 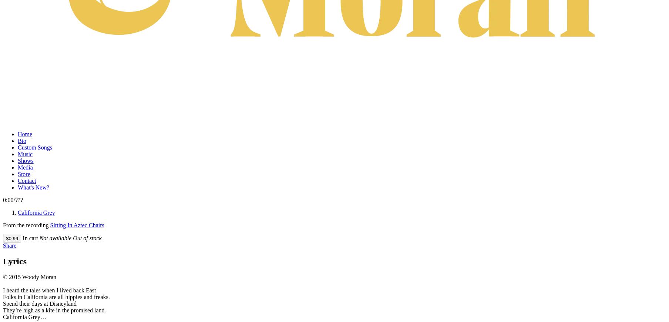 I want to click on 'Home', so click(x=25, y=134).